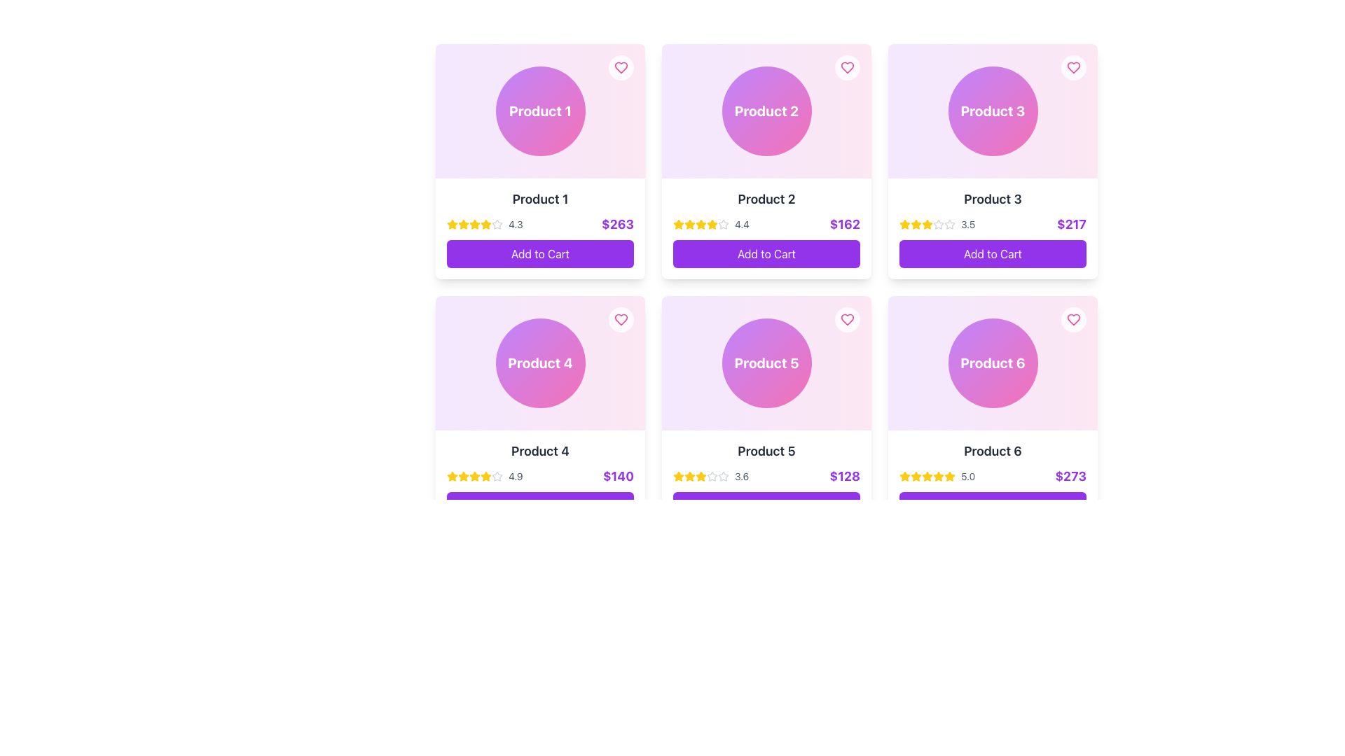 This screenshot has height=756, width=1345. What do you see at coordinates (950, 223) in the screenshot?
I see `the third star icon in the rating section of the card for 'Product 3', located in the middle row of the top-right card on the grid layout` at bounding box center [950, 223].